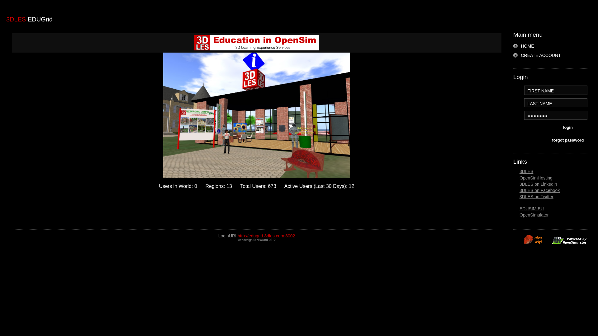  What do you see at coordinates (534, 214) in the screenshot?
I see `'OpenSimulator'` at bounding box center [534, 214].